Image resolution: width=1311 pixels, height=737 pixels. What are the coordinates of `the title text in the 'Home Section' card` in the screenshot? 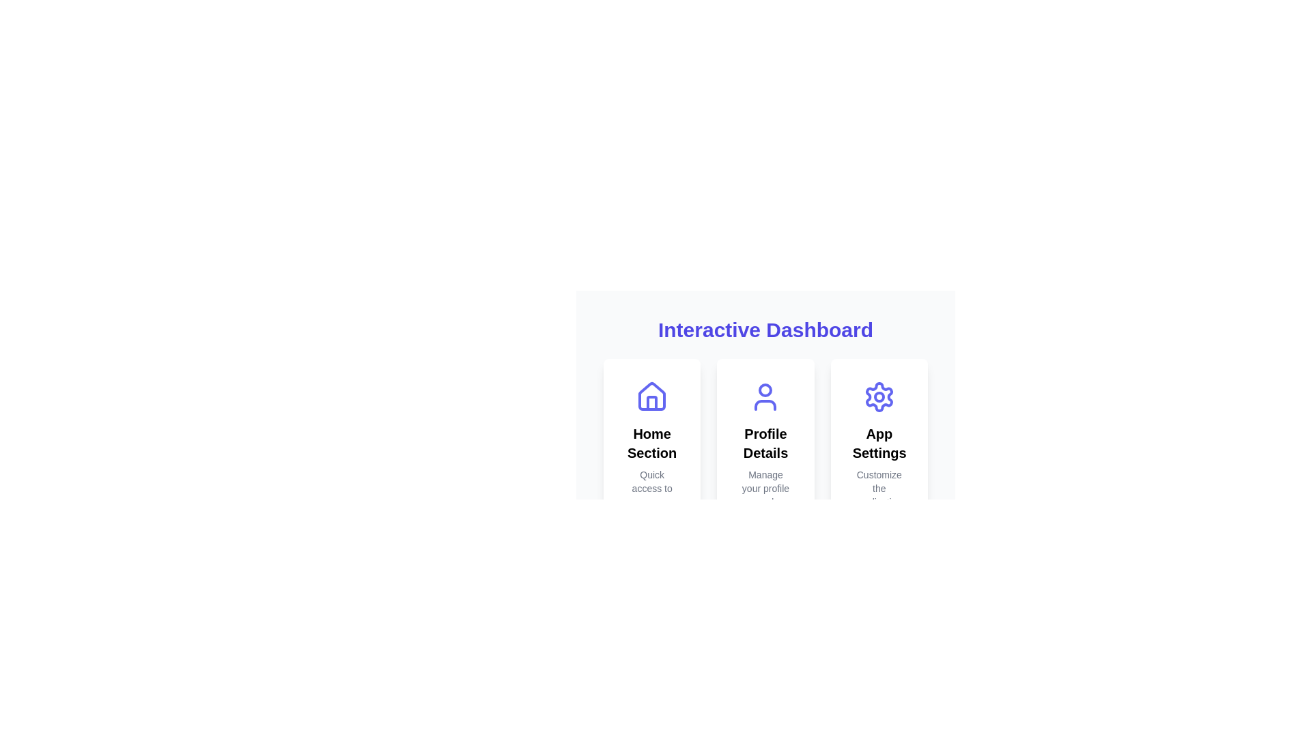 It's located at (651, 444).